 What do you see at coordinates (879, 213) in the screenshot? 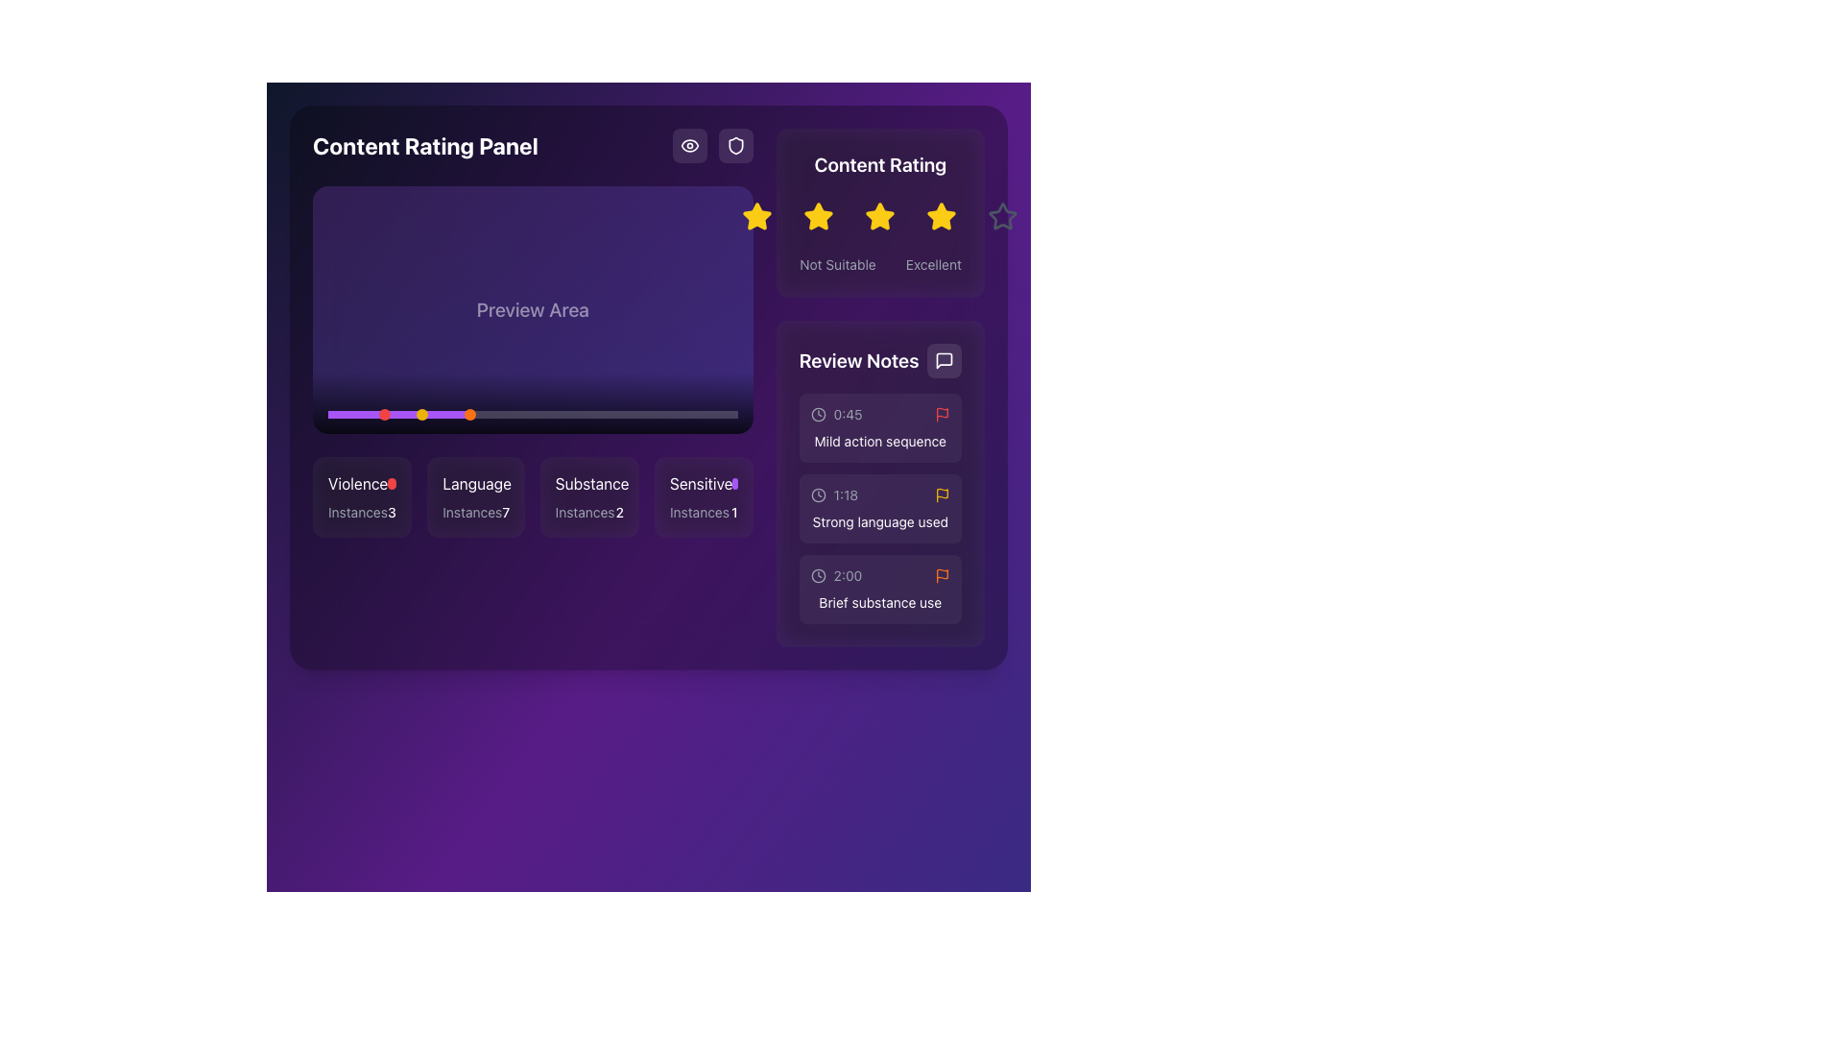
I see `any star in the 'Content Rating' section` at bounding box center [879, 213].